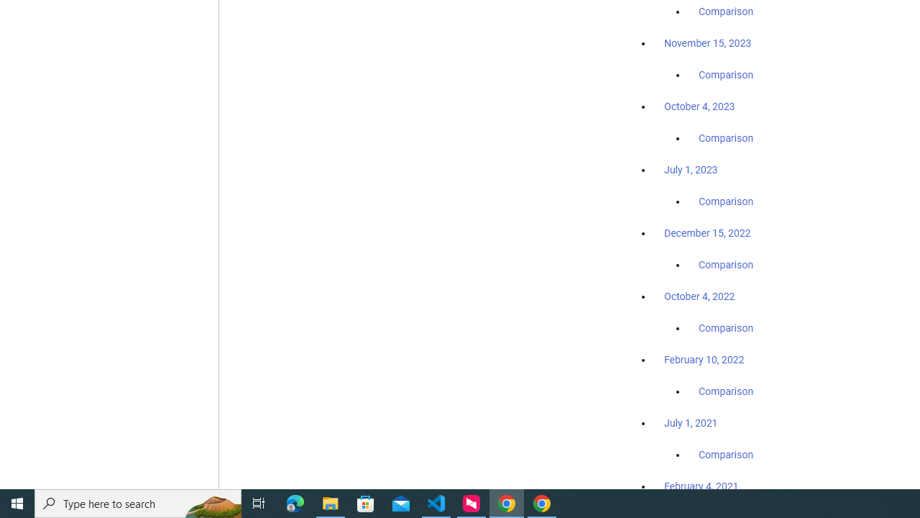 Image resolution: width=920 pixels, height=518 pixels. Describe the element at coordinates (691, 169) in the screenshot. I see `'July 1, 2023'` at that location.